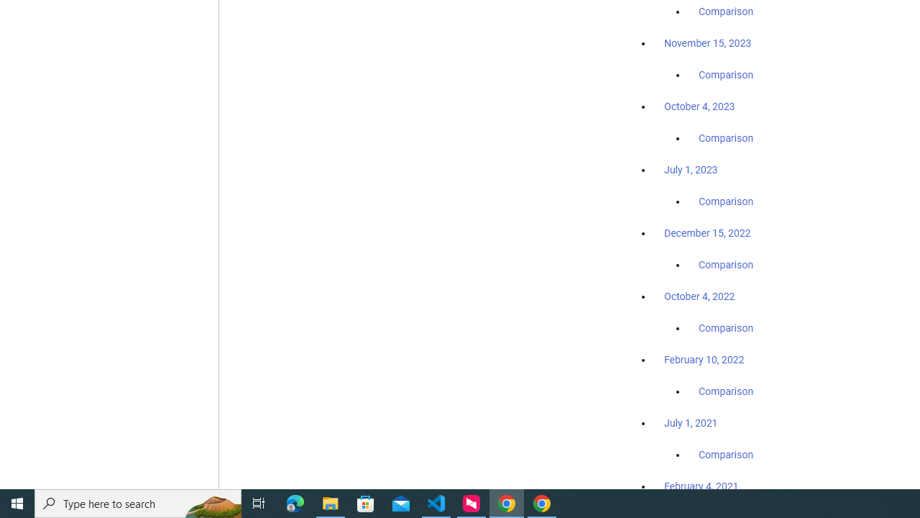 Image resolution: width=920 pixels, height=518 pixels. Describe the element at coordinates (691, 169) in the screenshot. I see `'July 1, 2023'` at that location.